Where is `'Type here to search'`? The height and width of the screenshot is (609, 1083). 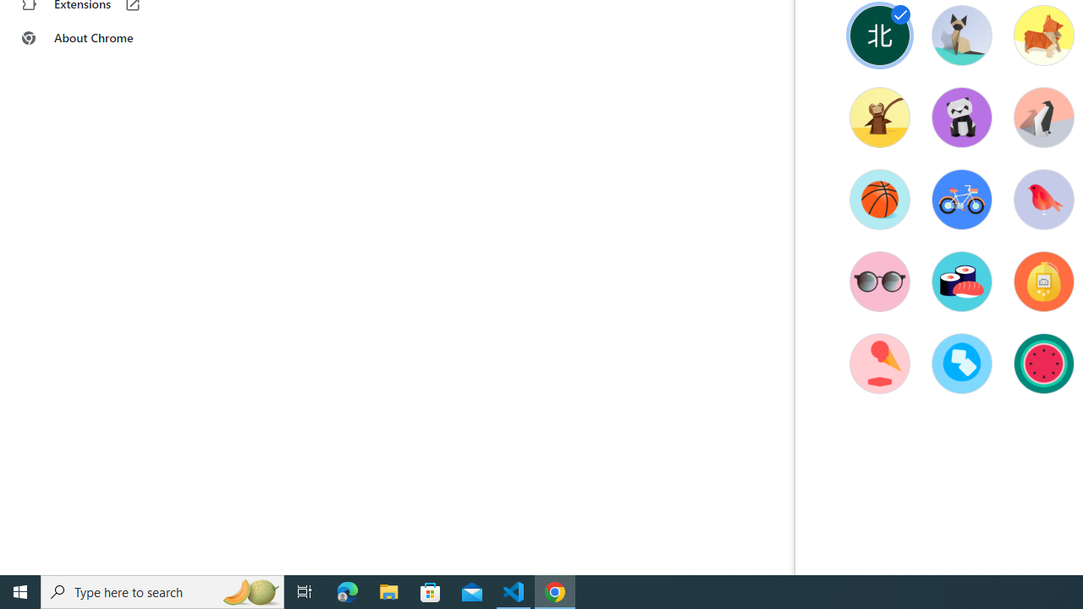 'Type here to search' is located at coordinates (162, 590).